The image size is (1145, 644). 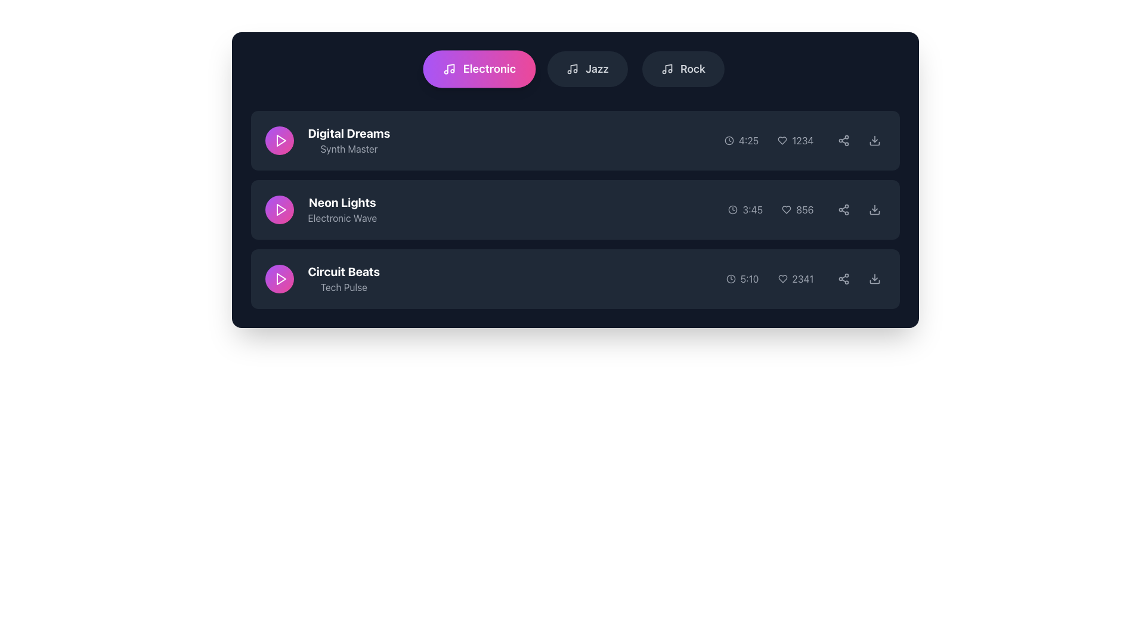 What do you see at coordinates (742, 278) in the screenshot?
I see `the Text label with a clock icon displaying the duration '5:10', located in the third row of listed items, positioned to the right of the row` at bounding box center [742, 278].